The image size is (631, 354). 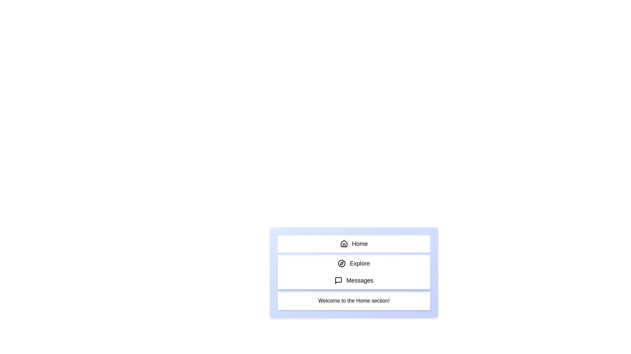 What do you see at coordinates (353, 244) in the screenshot?
I see `the Home tab to switch to it` at bounding box center [353, 244].